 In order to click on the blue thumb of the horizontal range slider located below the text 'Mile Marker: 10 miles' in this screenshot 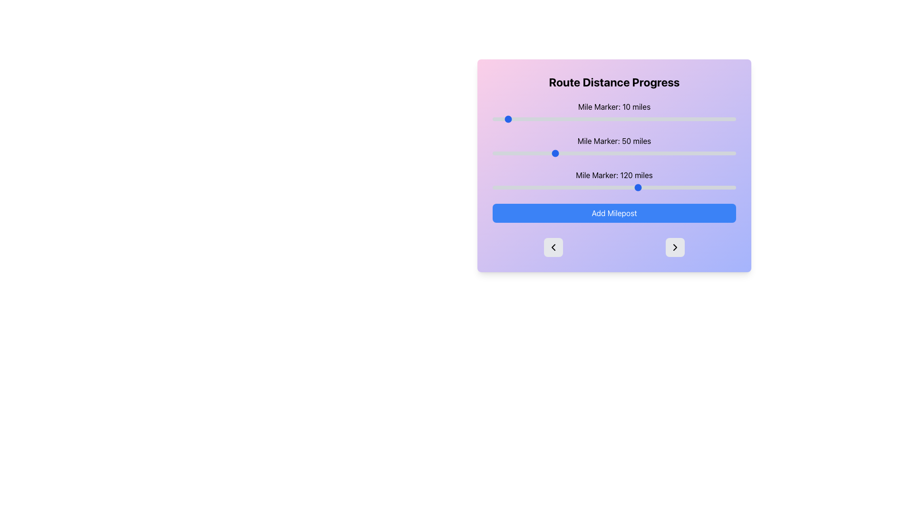, I will do `click(614, 118)`.